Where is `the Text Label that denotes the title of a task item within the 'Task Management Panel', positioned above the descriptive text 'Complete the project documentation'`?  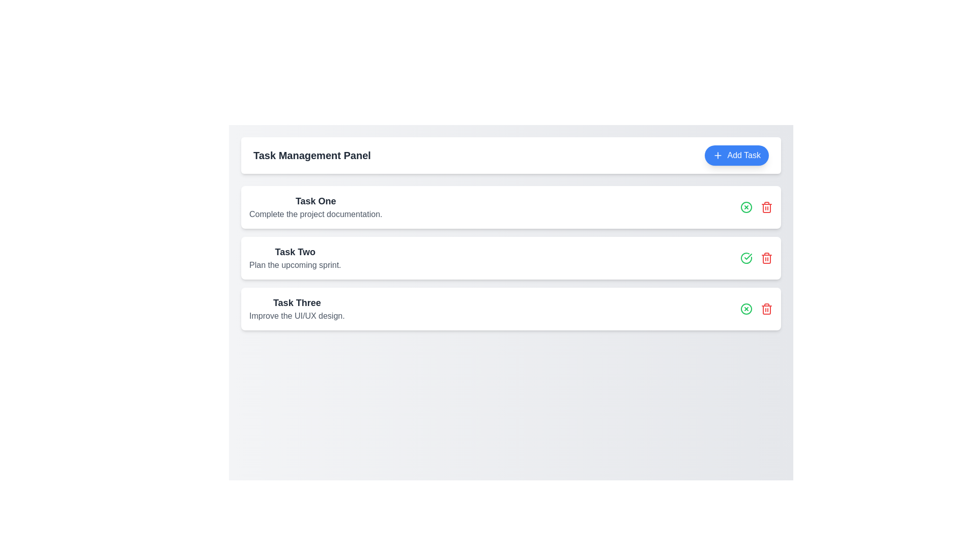
the Text Label that denotes the title of a task item within the 'Task Management Panel', positioned above the descriptive text 'Complete the project documentation' is located at coordinates (315, 201).